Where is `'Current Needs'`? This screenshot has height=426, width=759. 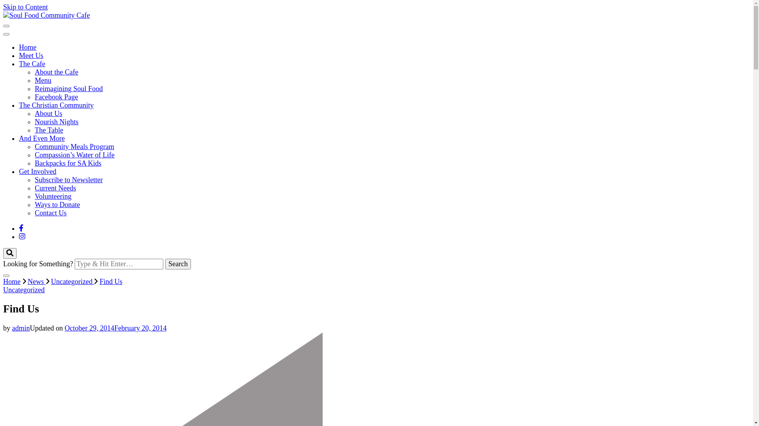
'Current Needs' is located at coordinates (34, 188).